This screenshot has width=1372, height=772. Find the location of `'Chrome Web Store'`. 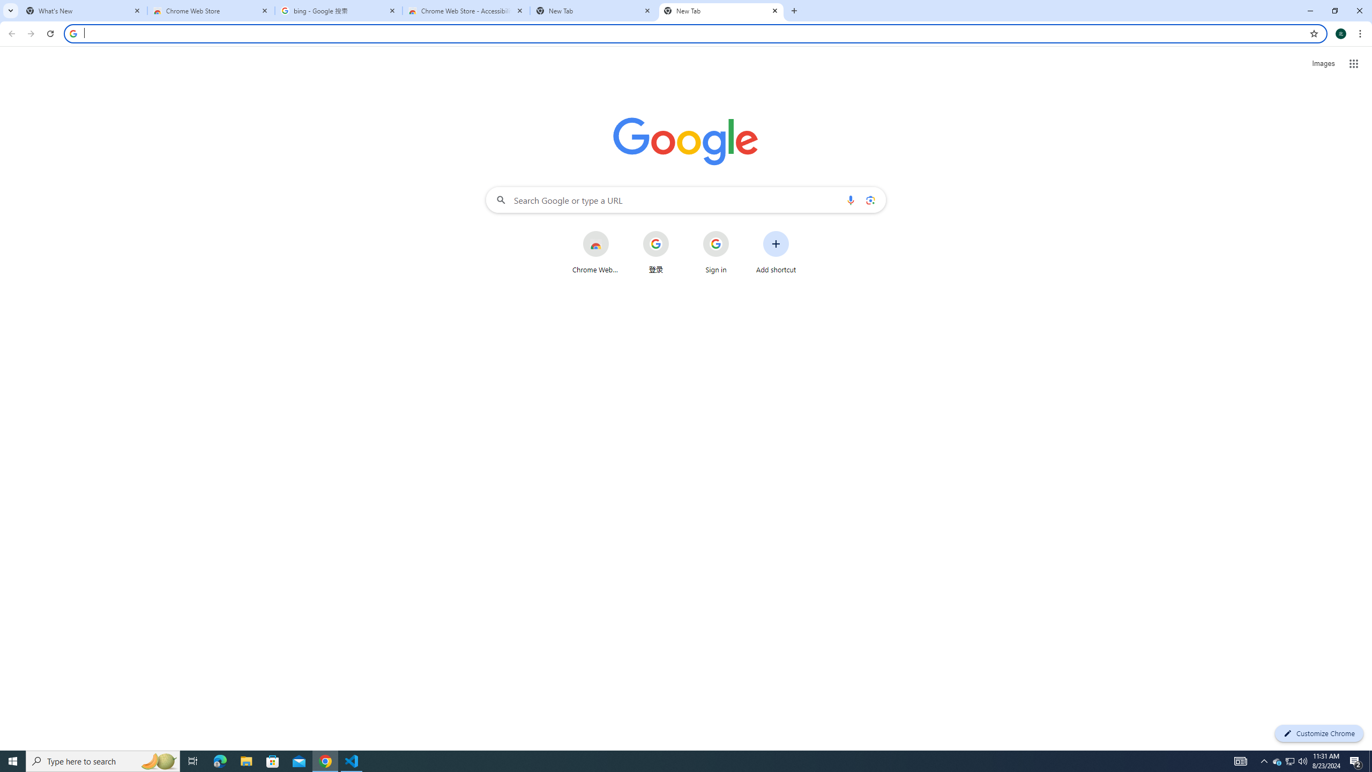

'Chrome Web Store' is located at coordinates (211, 10).